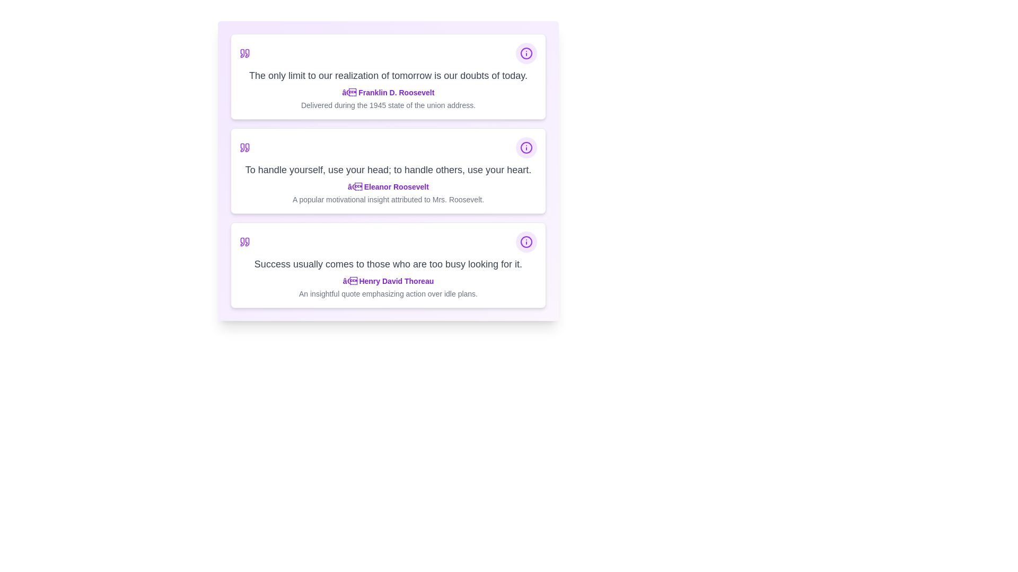 The width and height of the screenshot is (1018, 572). Describe the element at coordinates (526, 53) in the screenshot. I see `the filled black circular shape that is part of the second icon, located to the right of the second text card in the interface` at that location.